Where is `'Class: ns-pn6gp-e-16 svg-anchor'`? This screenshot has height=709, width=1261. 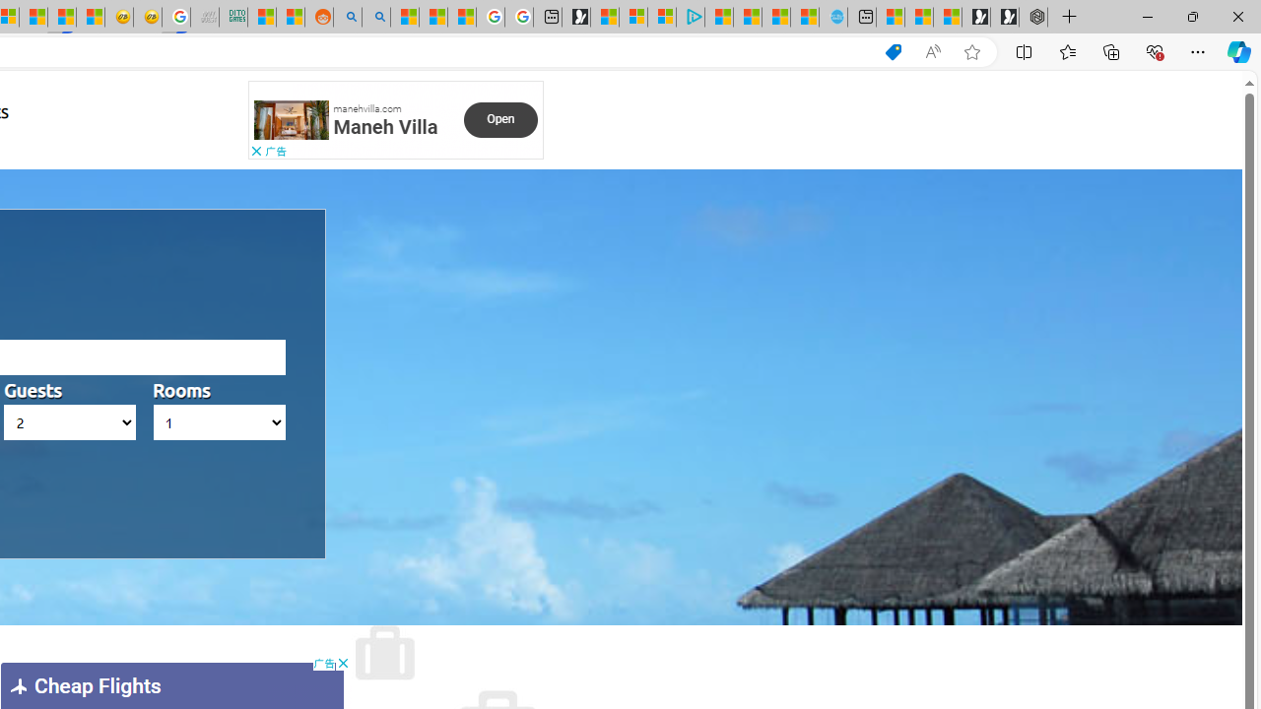 'Class: ns-pn6gp-e-16 svg-anchor' is located at coordinates (291, 120).